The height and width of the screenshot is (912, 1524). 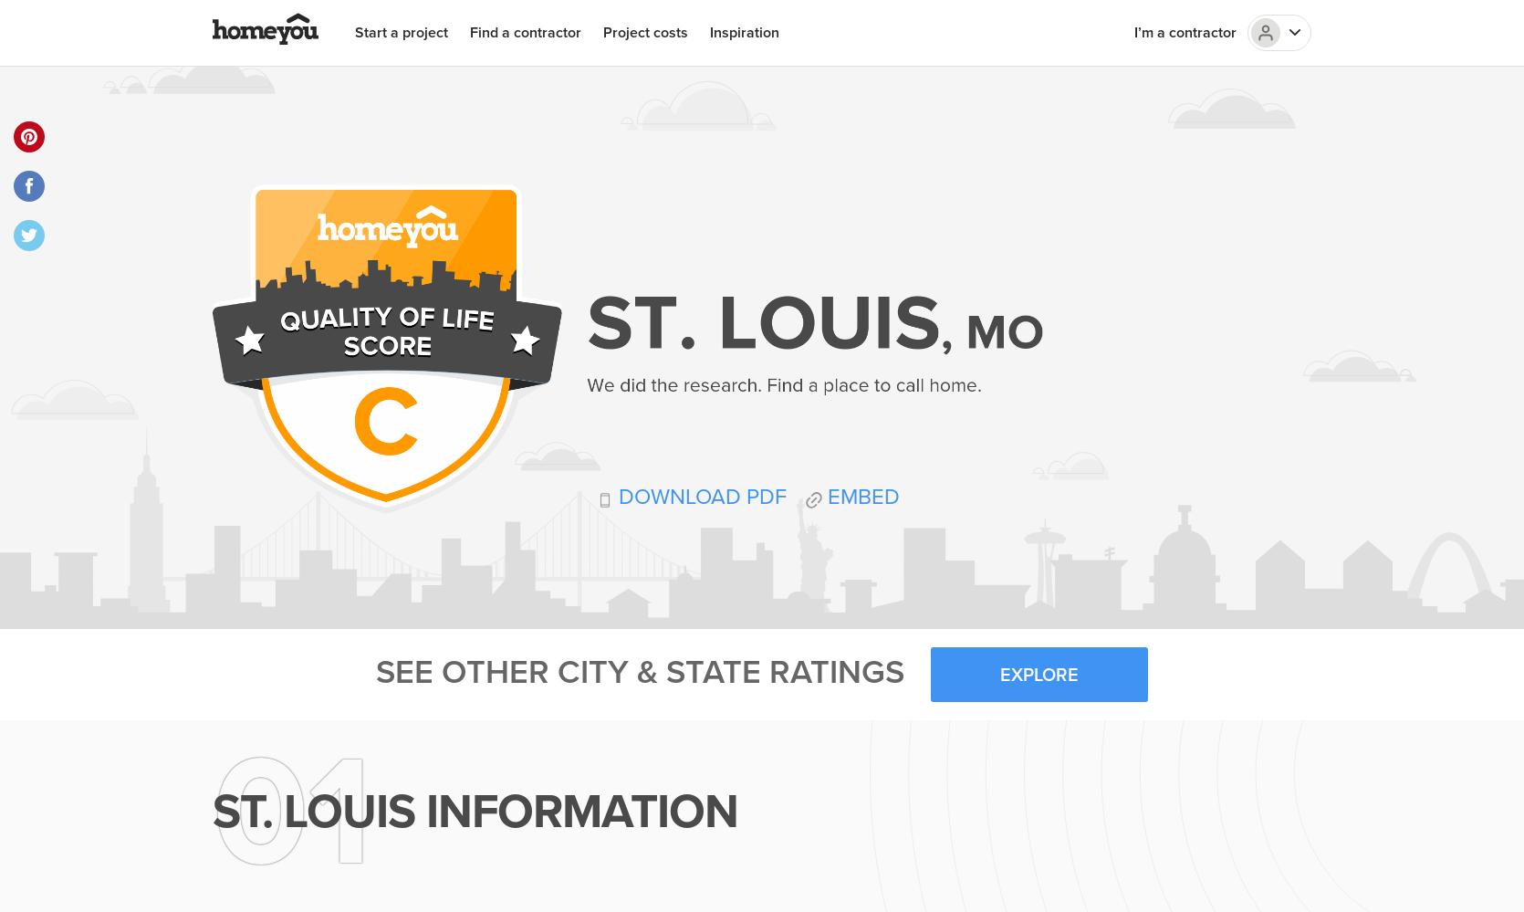 I want to click on 'St. Louis INFORMATION', so click(x=475, y=812).